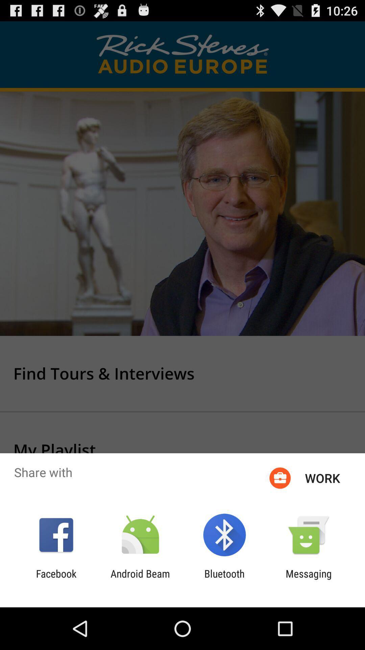 The width and height of the screenshot is (365, 650). Describe the element at coordinates (140, 579) in the screenshot. I see `icon next to bluetooth item` at that location.